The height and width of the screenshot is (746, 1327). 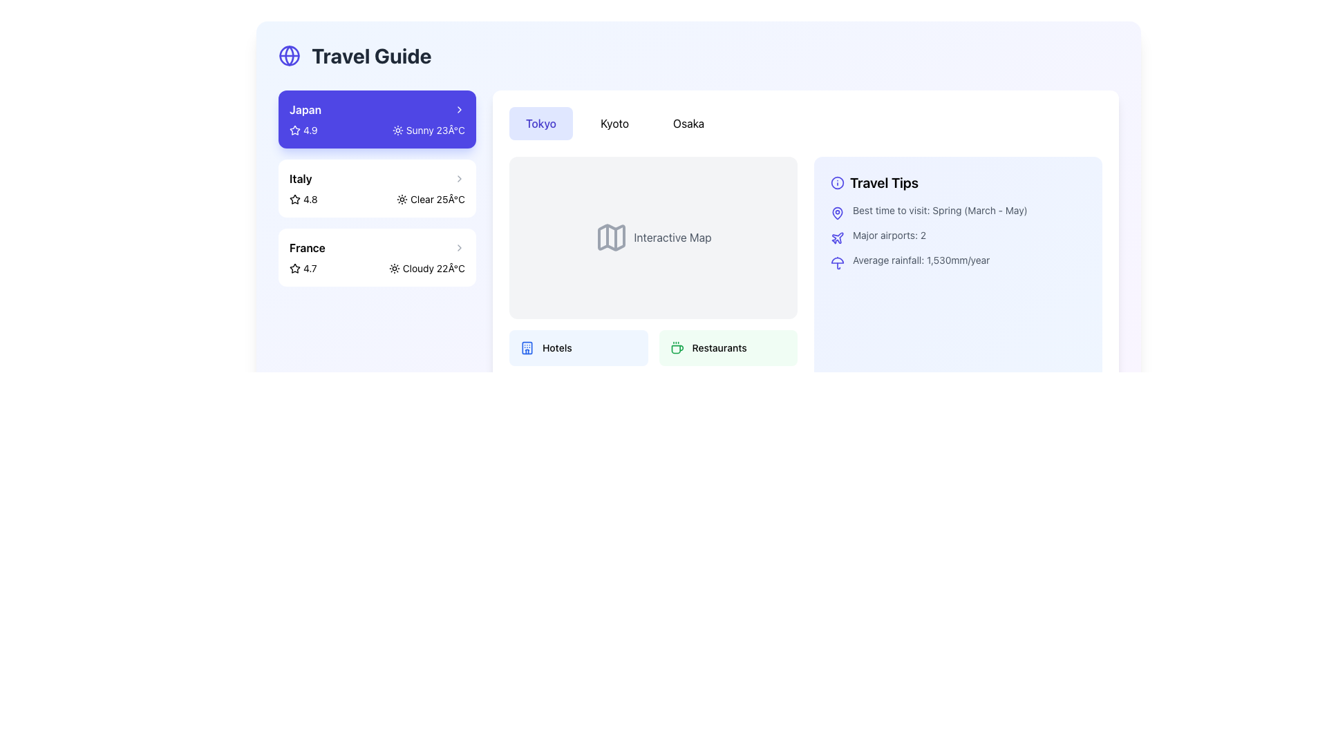 I want to click on the text label displaying 'Major airports: 2' in the travel tips section, which is aligned horizontally with an airplane icon, so click(x=890, y=234).